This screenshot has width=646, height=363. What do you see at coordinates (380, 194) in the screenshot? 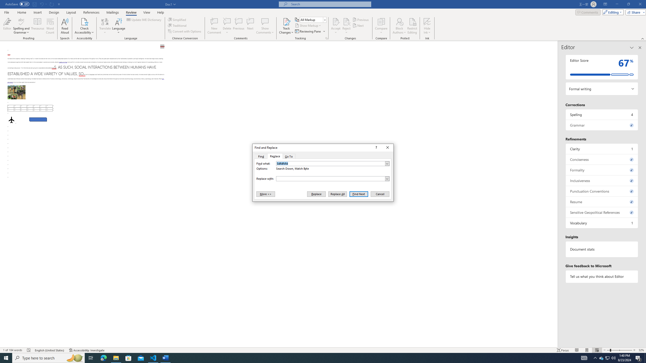
I see `'Cancel'` at bounding box center [380, 194].